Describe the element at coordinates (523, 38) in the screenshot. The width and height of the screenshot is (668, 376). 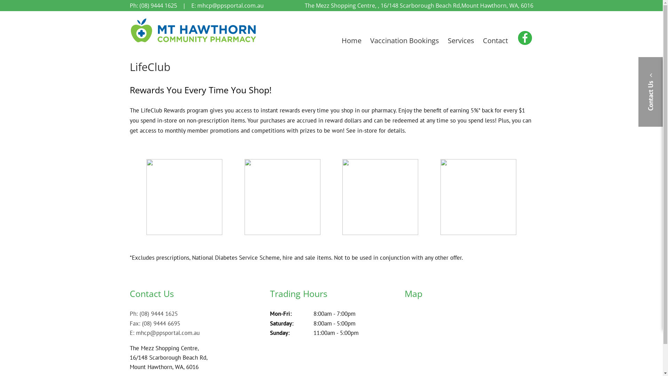
I see `'Like us on Facebook'` at that location.